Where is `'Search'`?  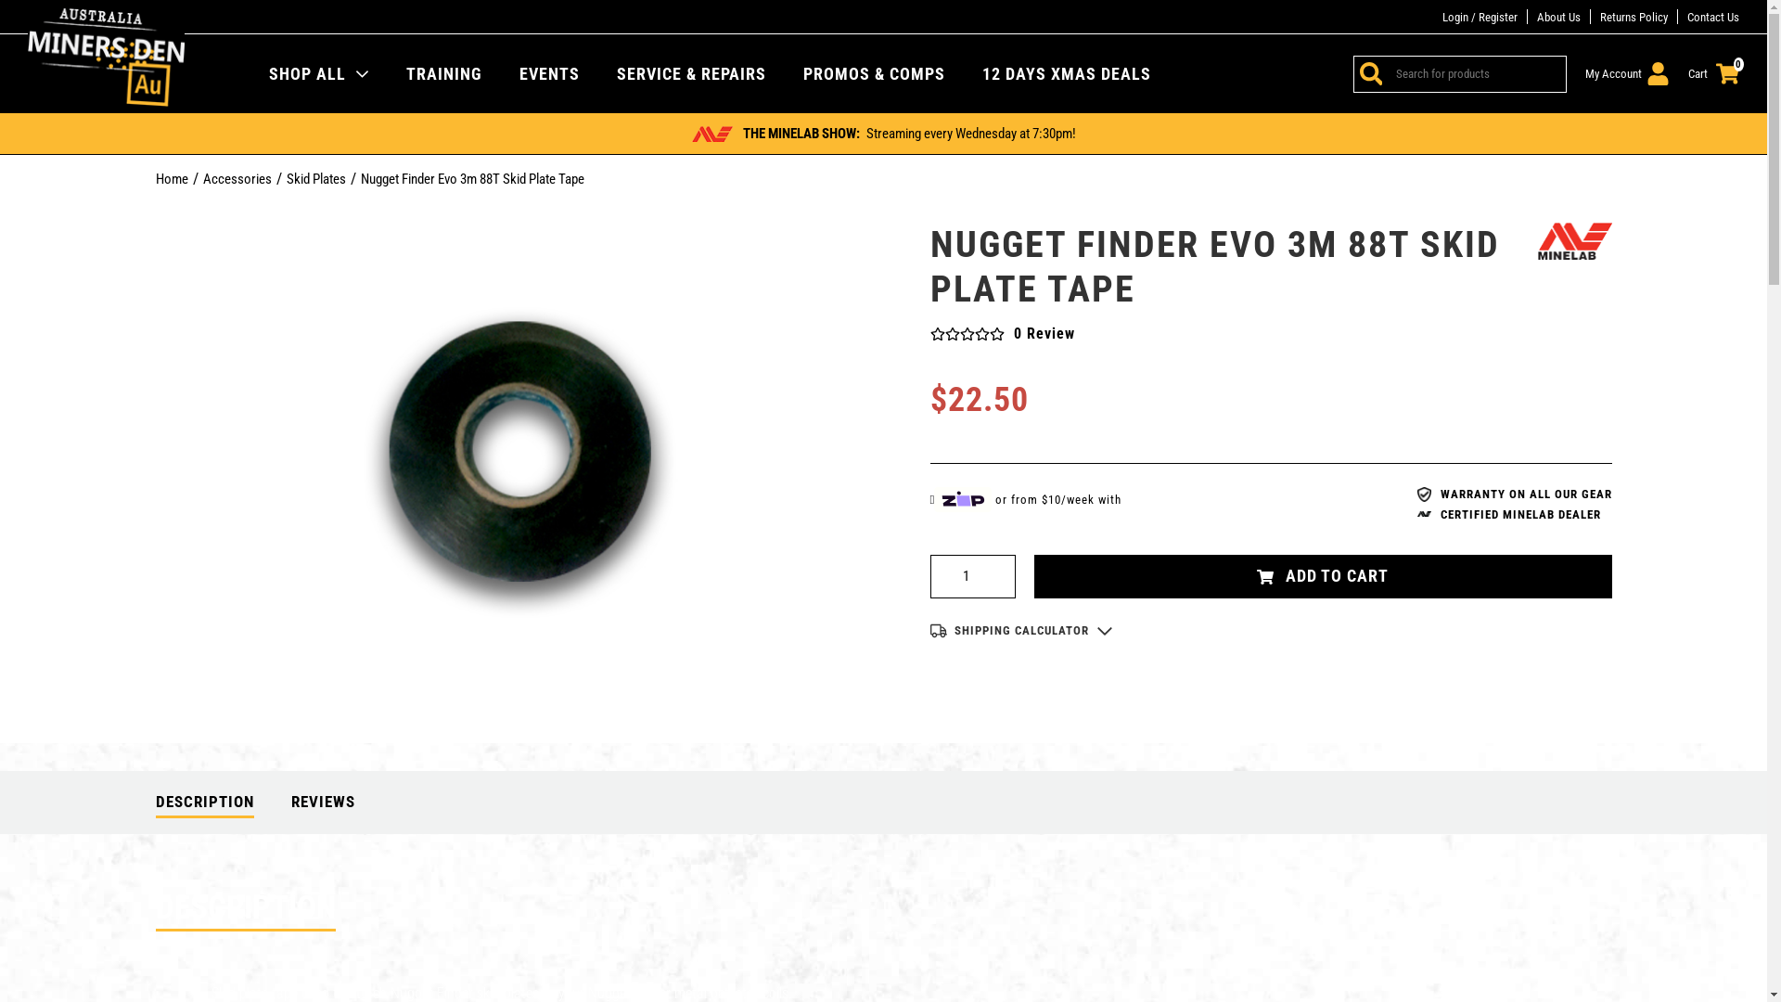 'Search' is located at coordinates (1367, 71).